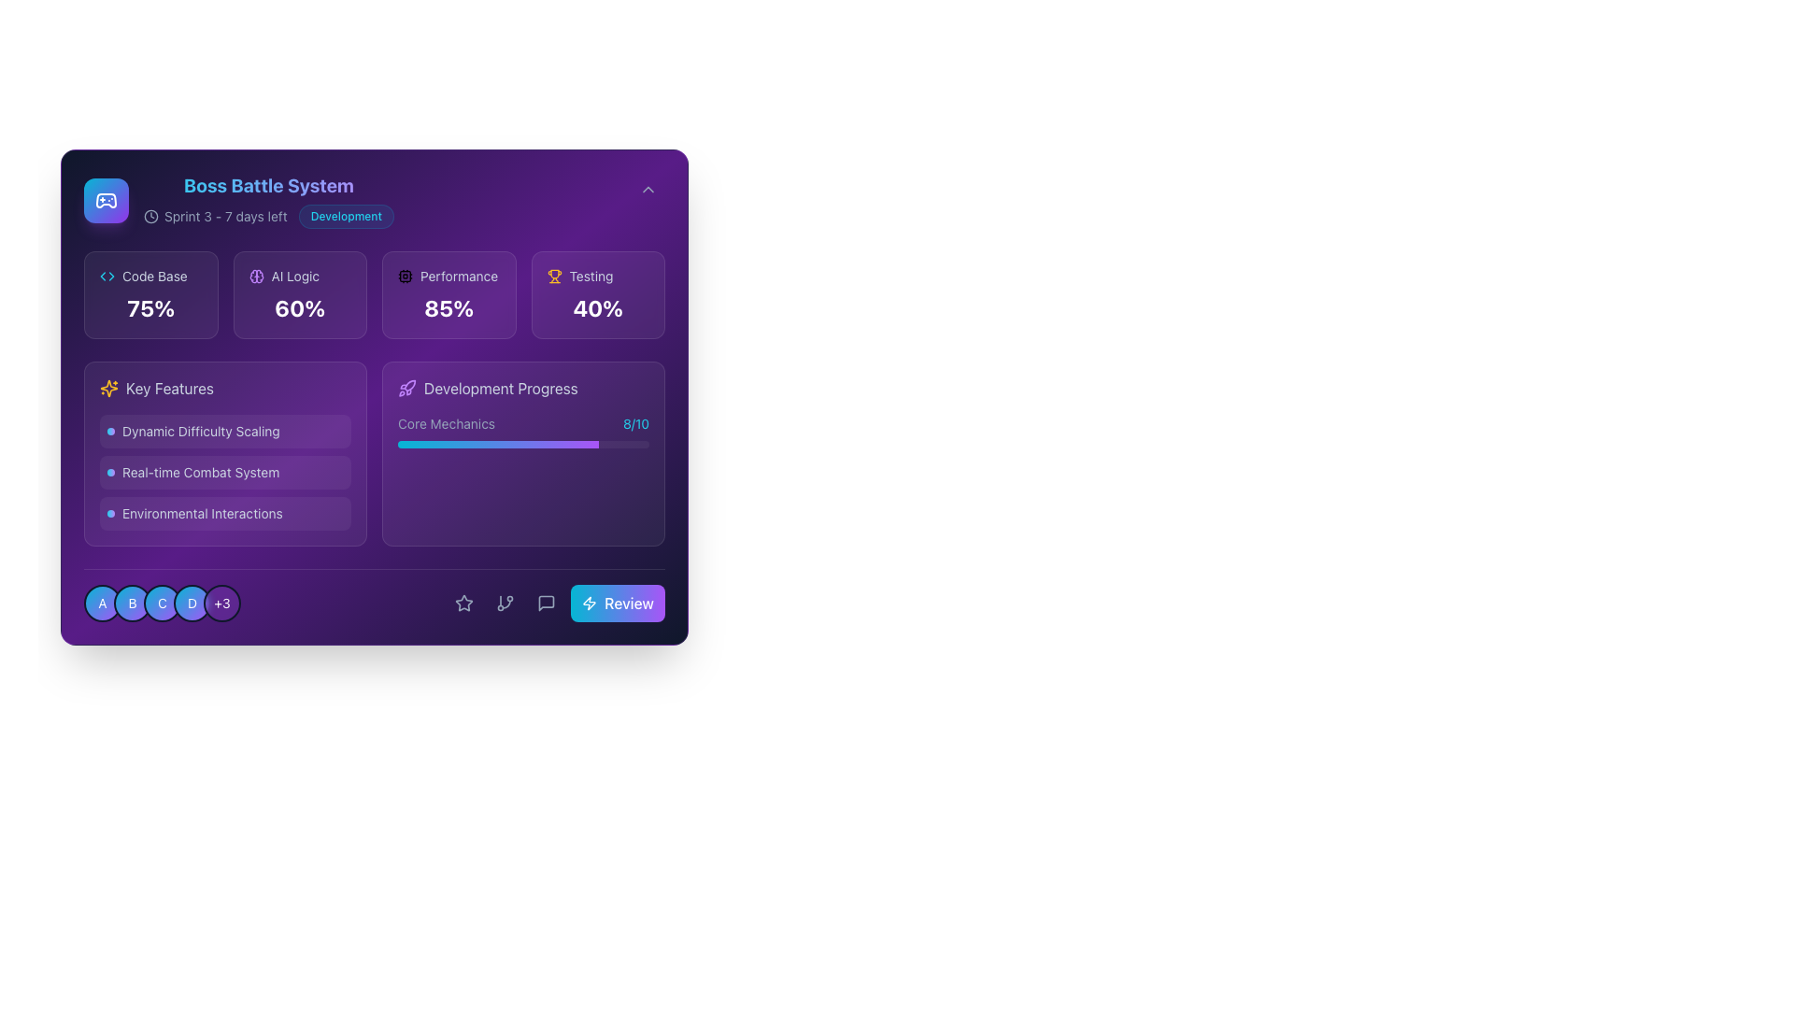 The height and width of the screenshot is (1009, 1794). I want to click on the SVG icon representing a branching structure, resembling a git branching icon, located in the bottom right segment of the interface, so click(505, 603).